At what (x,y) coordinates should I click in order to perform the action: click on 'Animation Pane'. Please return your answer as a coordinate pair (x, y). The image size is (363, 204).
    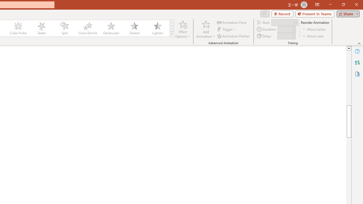
    Looking at the image, I should click on (232, 22).